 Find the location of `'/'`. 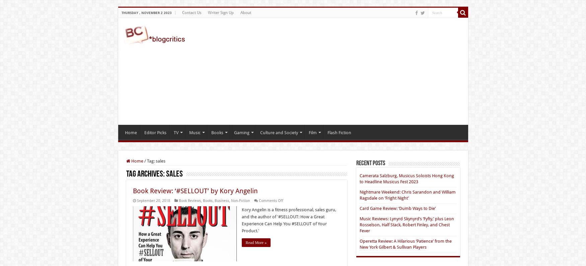

'/' is located at coordinates (144, 161).